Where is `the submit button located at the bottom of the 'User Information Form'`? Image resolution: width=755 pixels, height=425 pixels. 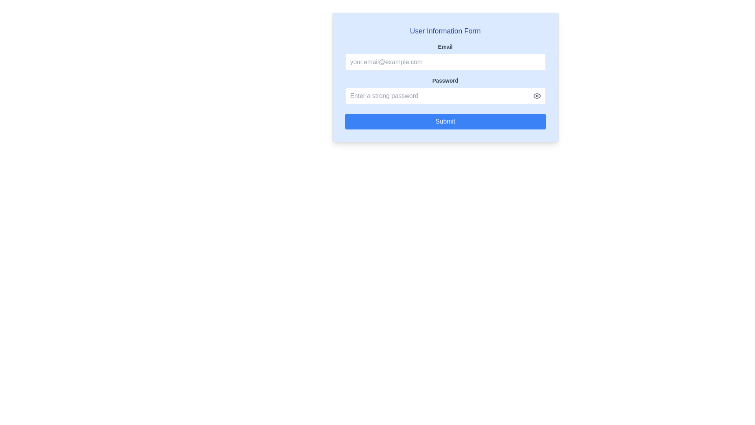 the submit button located at the bottom of the 'User Information Form' is located at coordinates (445, 121).